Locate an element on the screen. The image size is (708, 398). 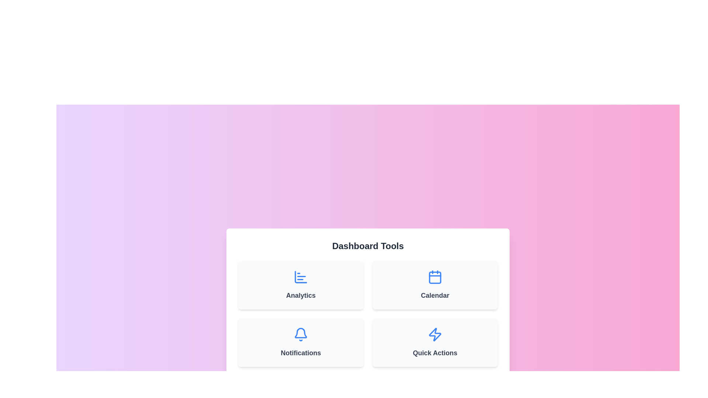
the blue linear design icon that resembles a chart or graph, located in the center area of the top-left quadrant of the dashboard tools section within the 'Analytics' box is located at coordinates (301, 277).